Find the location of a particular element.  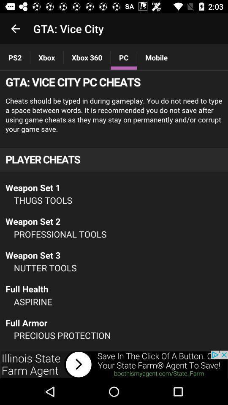

advertisement area is located at coordinates (114, 364).